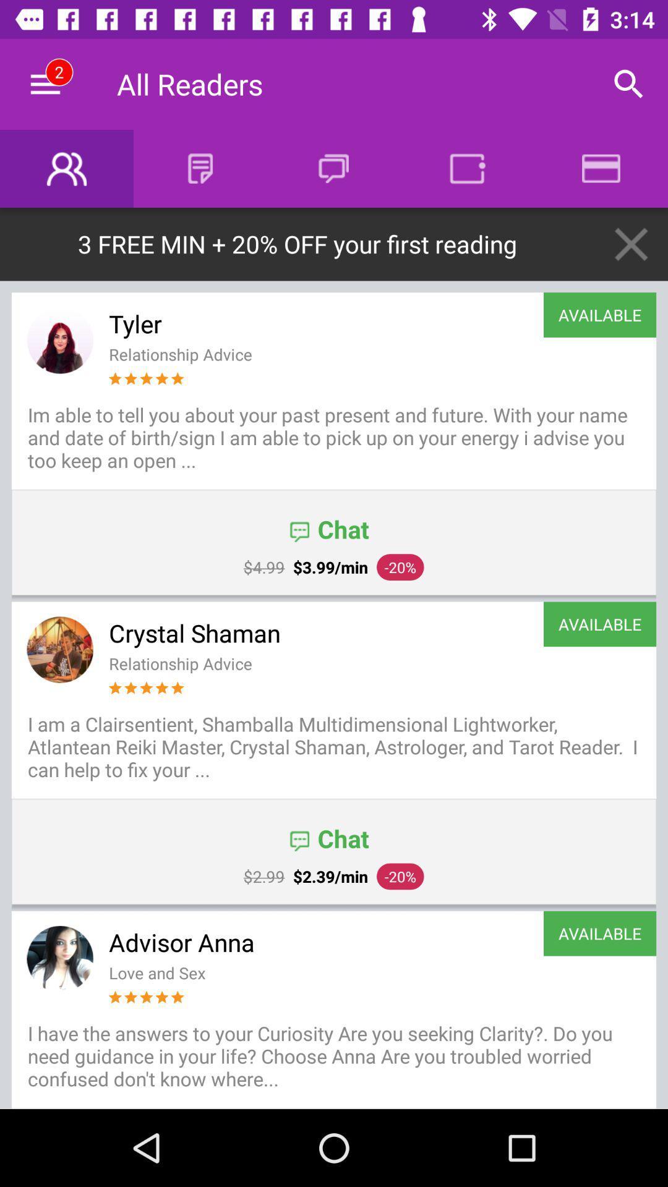  I want to click on the icon to the right of 3 free min icon, so click(631, 244).